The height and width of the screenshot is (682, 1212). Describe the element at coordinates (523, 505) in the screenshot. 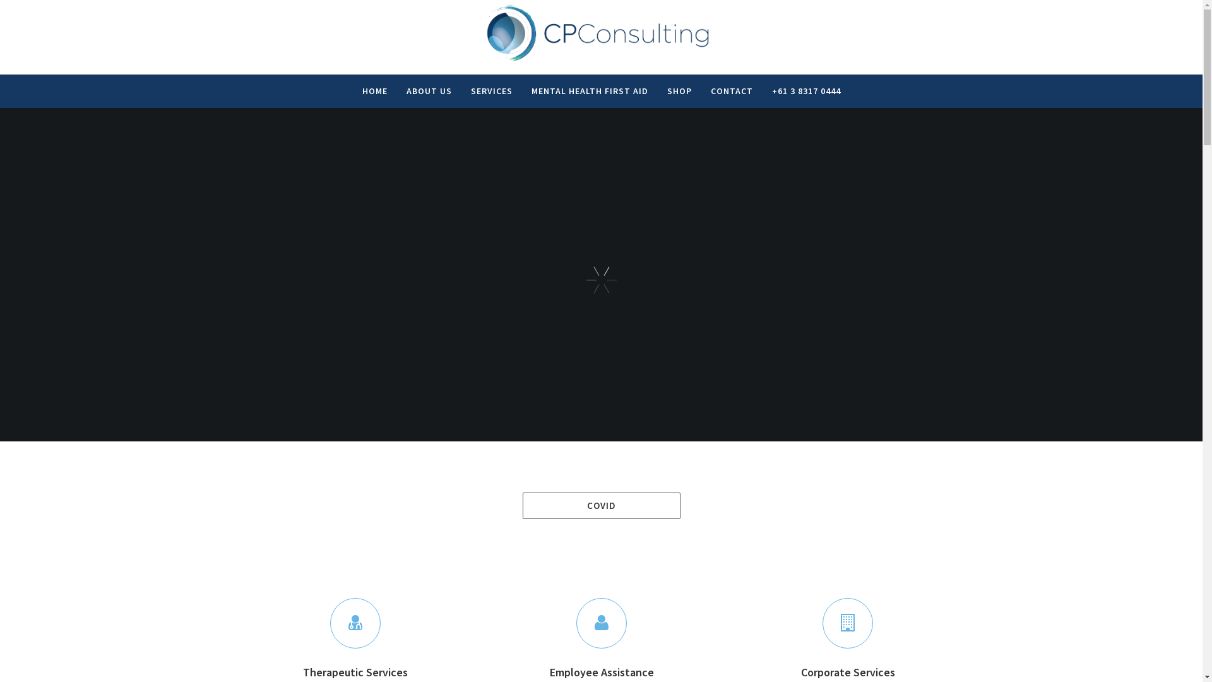

I see `'COVID'` at that location.